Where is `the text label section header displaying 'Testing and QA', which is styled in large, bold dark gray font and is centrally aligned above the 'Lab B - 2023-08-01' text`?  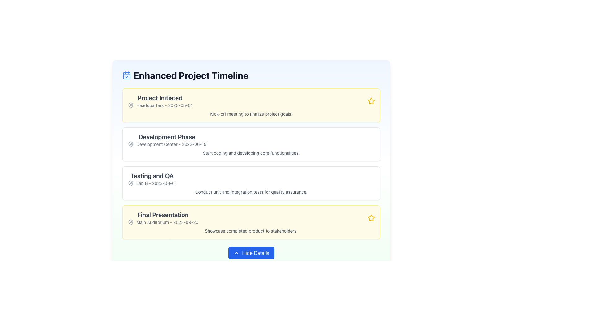
the text label section header displaying 'Testing and QA', which is styled in large, bold dark gray font and is centrally aligned above the 'Lab B - 2023-08-01' text is located at coordinates (152, 176).